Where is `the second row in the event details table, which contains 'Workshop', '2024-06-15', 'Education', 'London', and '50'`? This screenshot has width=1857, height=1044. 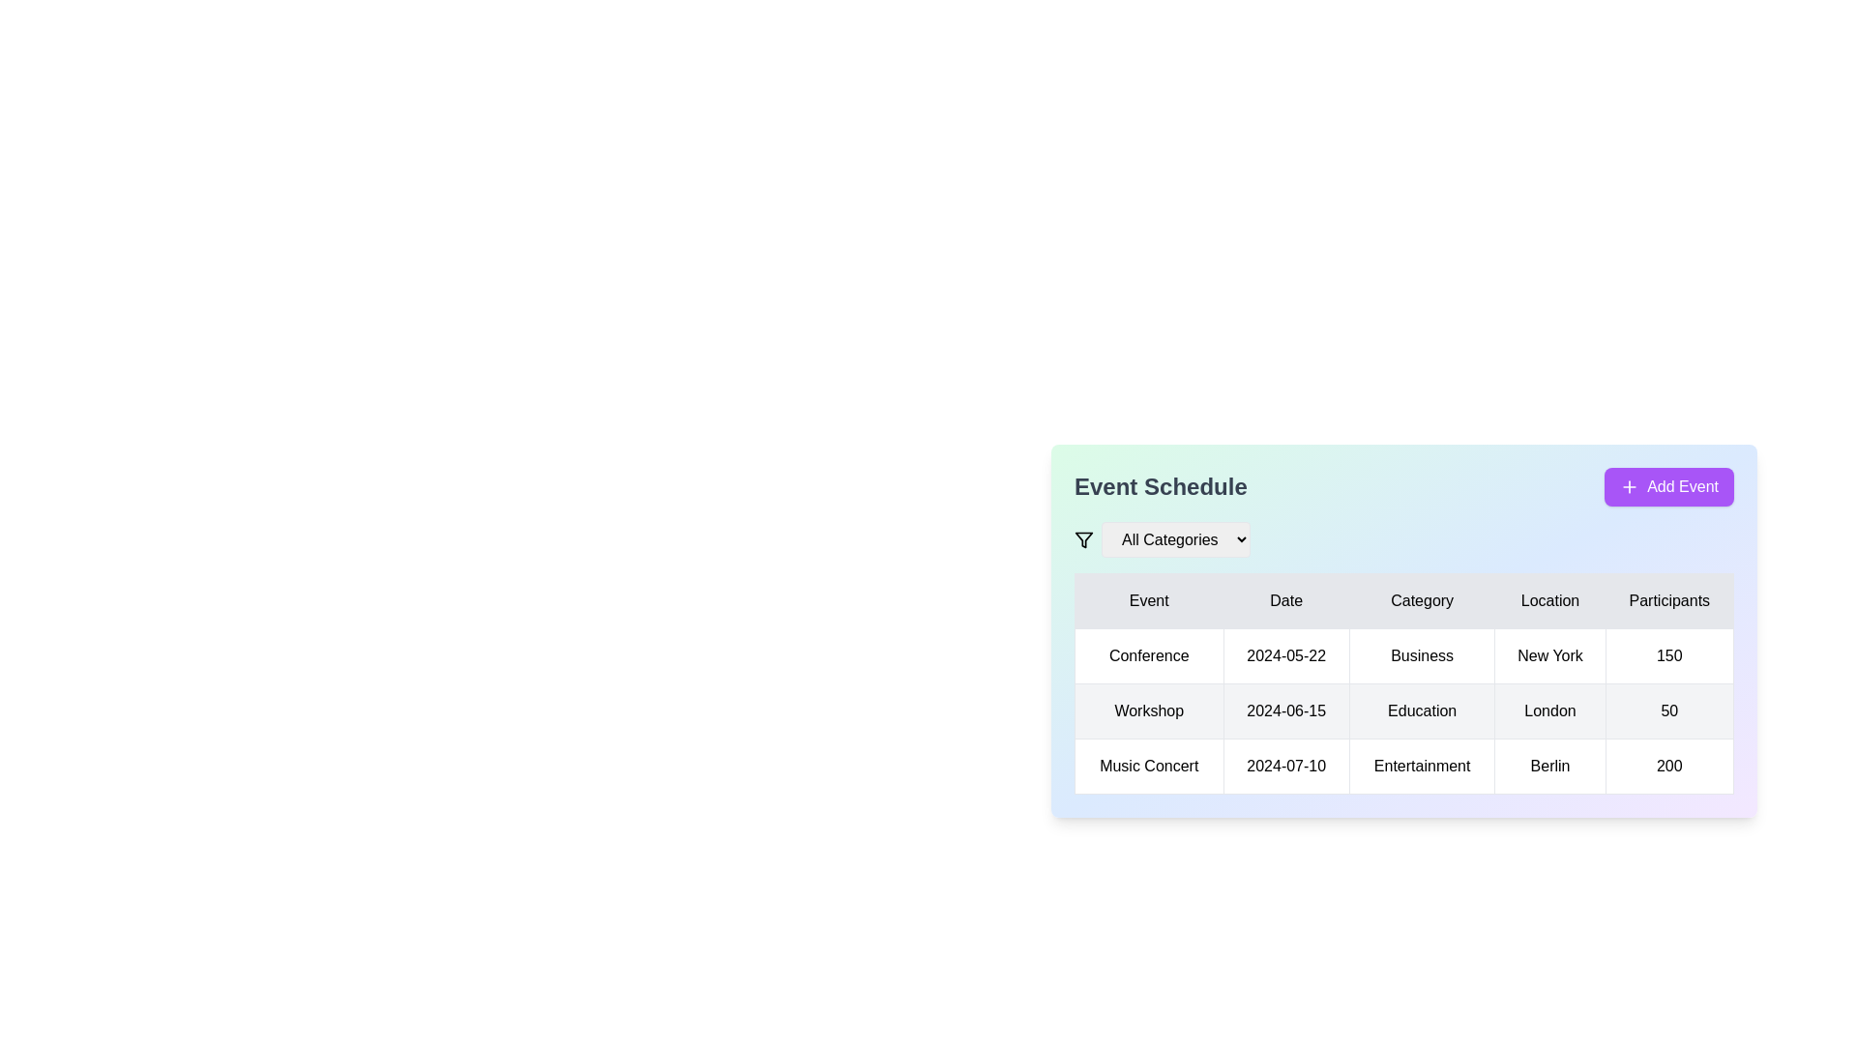
the second row in the event details table, which contains 'Workshop', '2024-06-15', 'Education', 'London', and '50' is located at coordinates (1403, 711).